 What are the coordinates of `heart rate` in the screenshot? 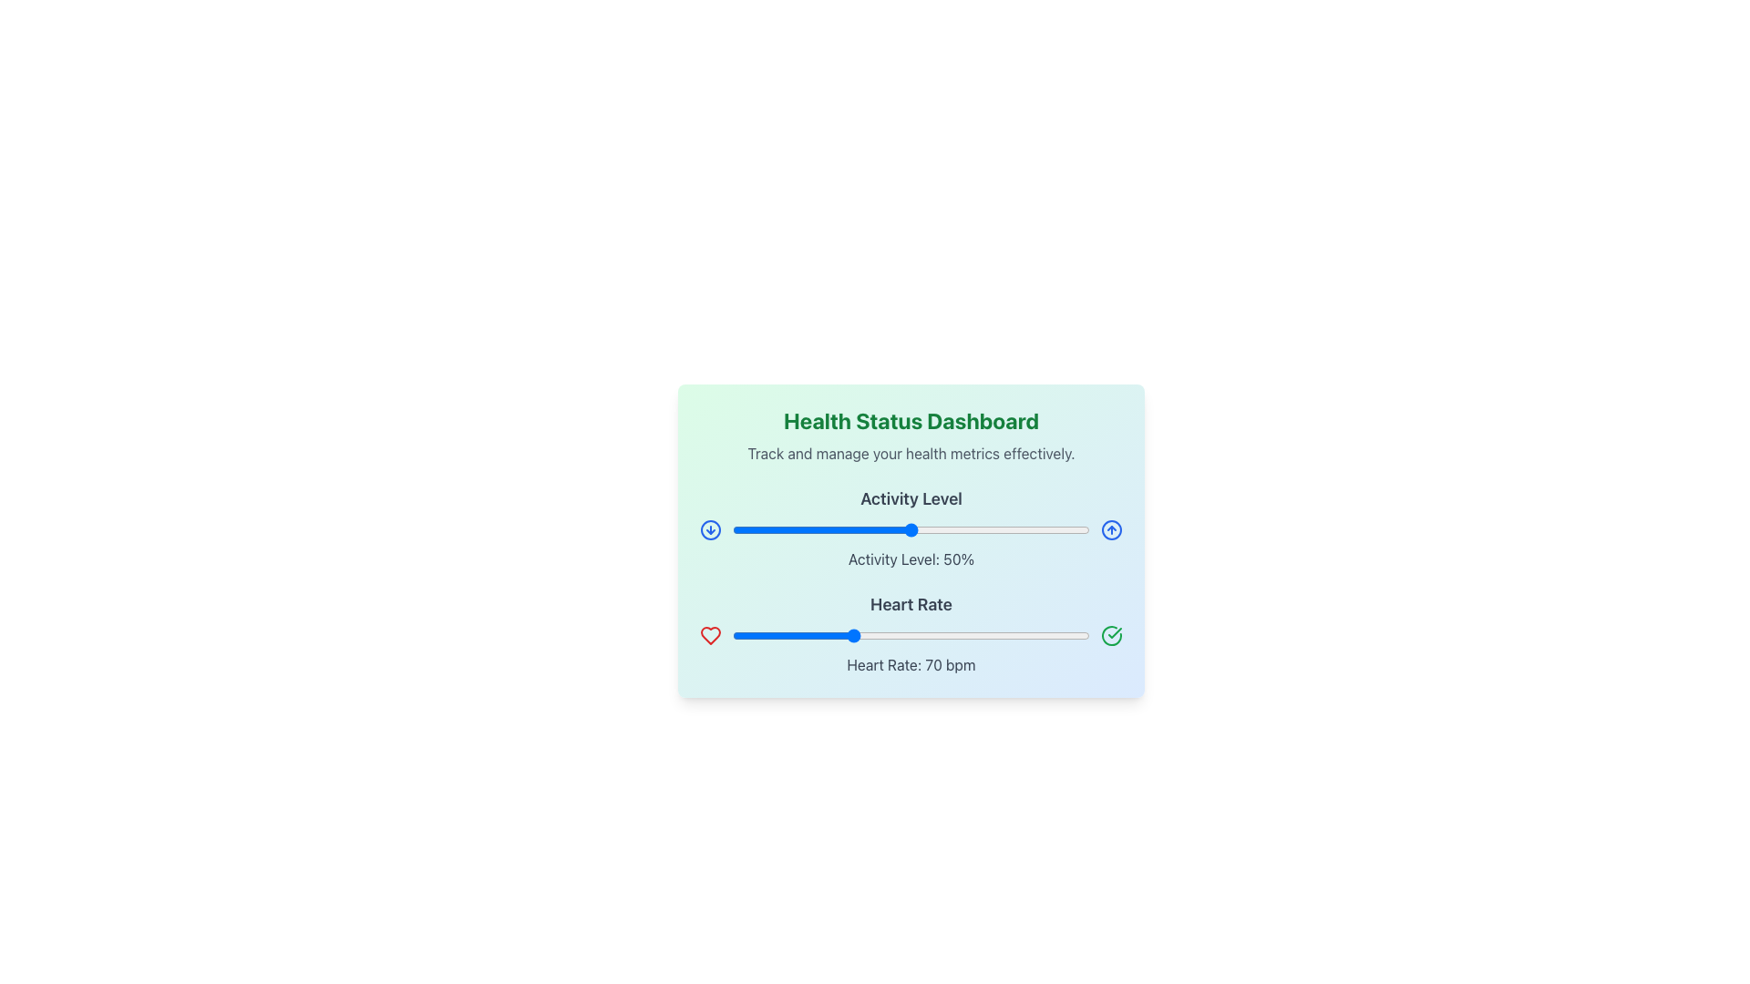 It's located at (777, 635).